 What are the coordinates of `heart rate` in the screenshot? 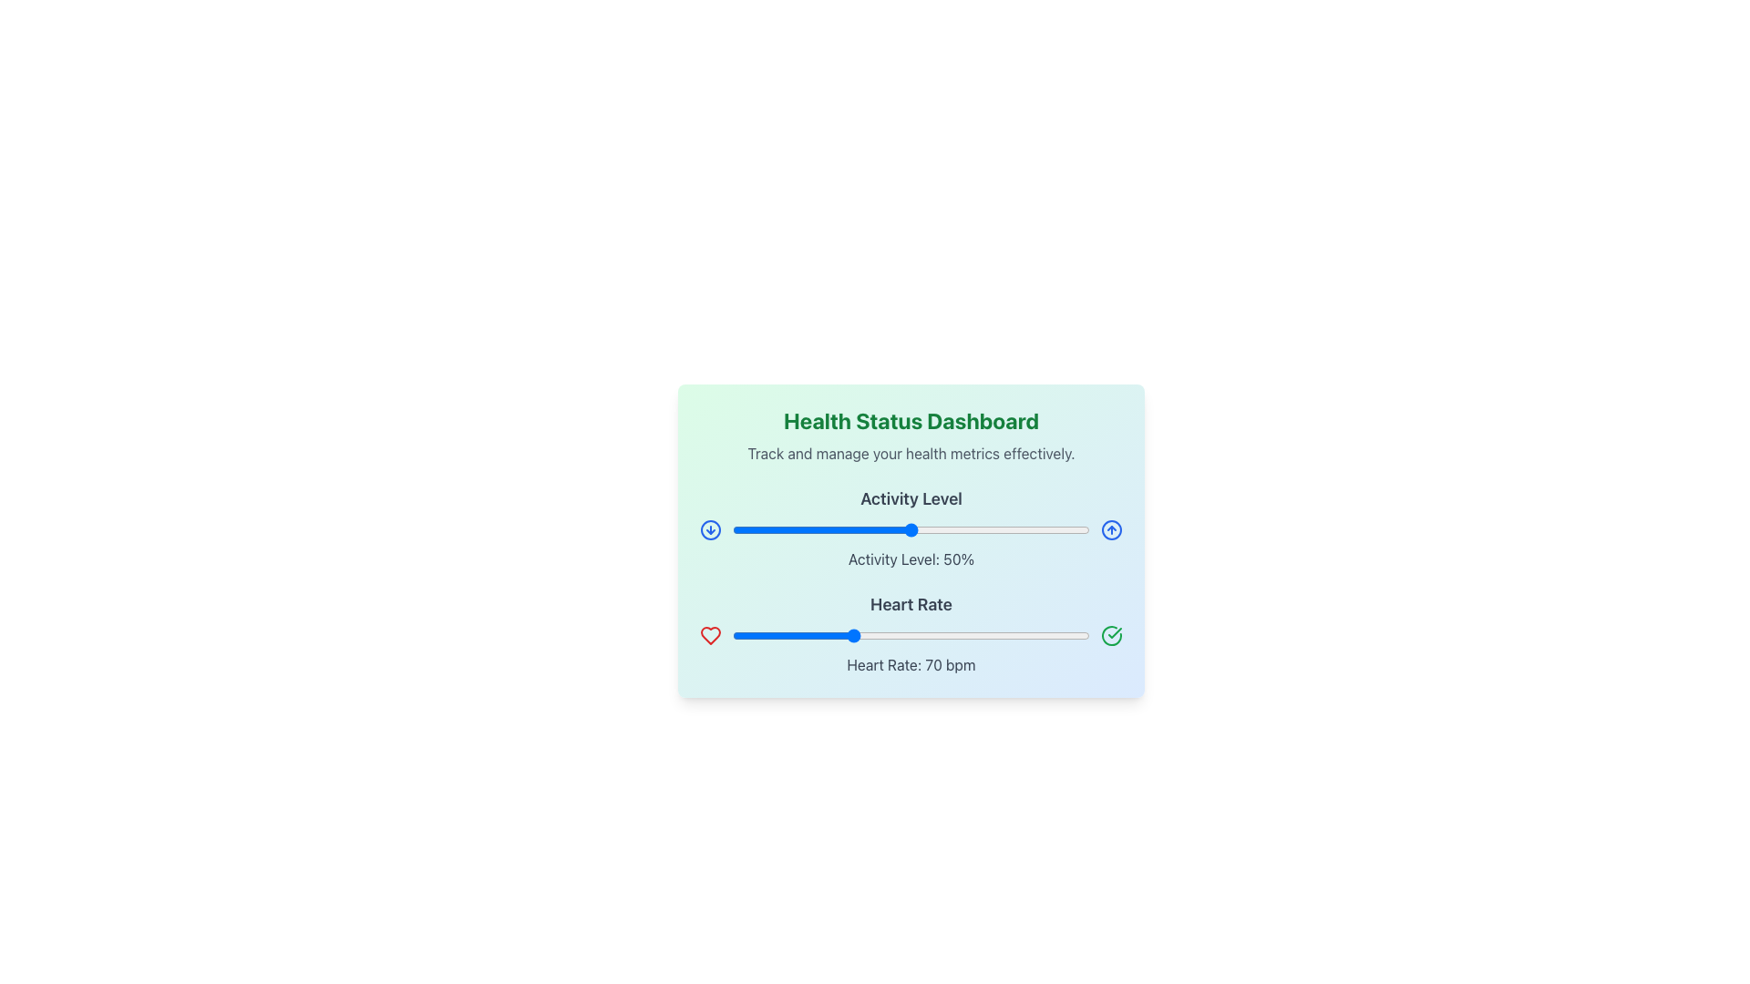 It's located at (777, 635).